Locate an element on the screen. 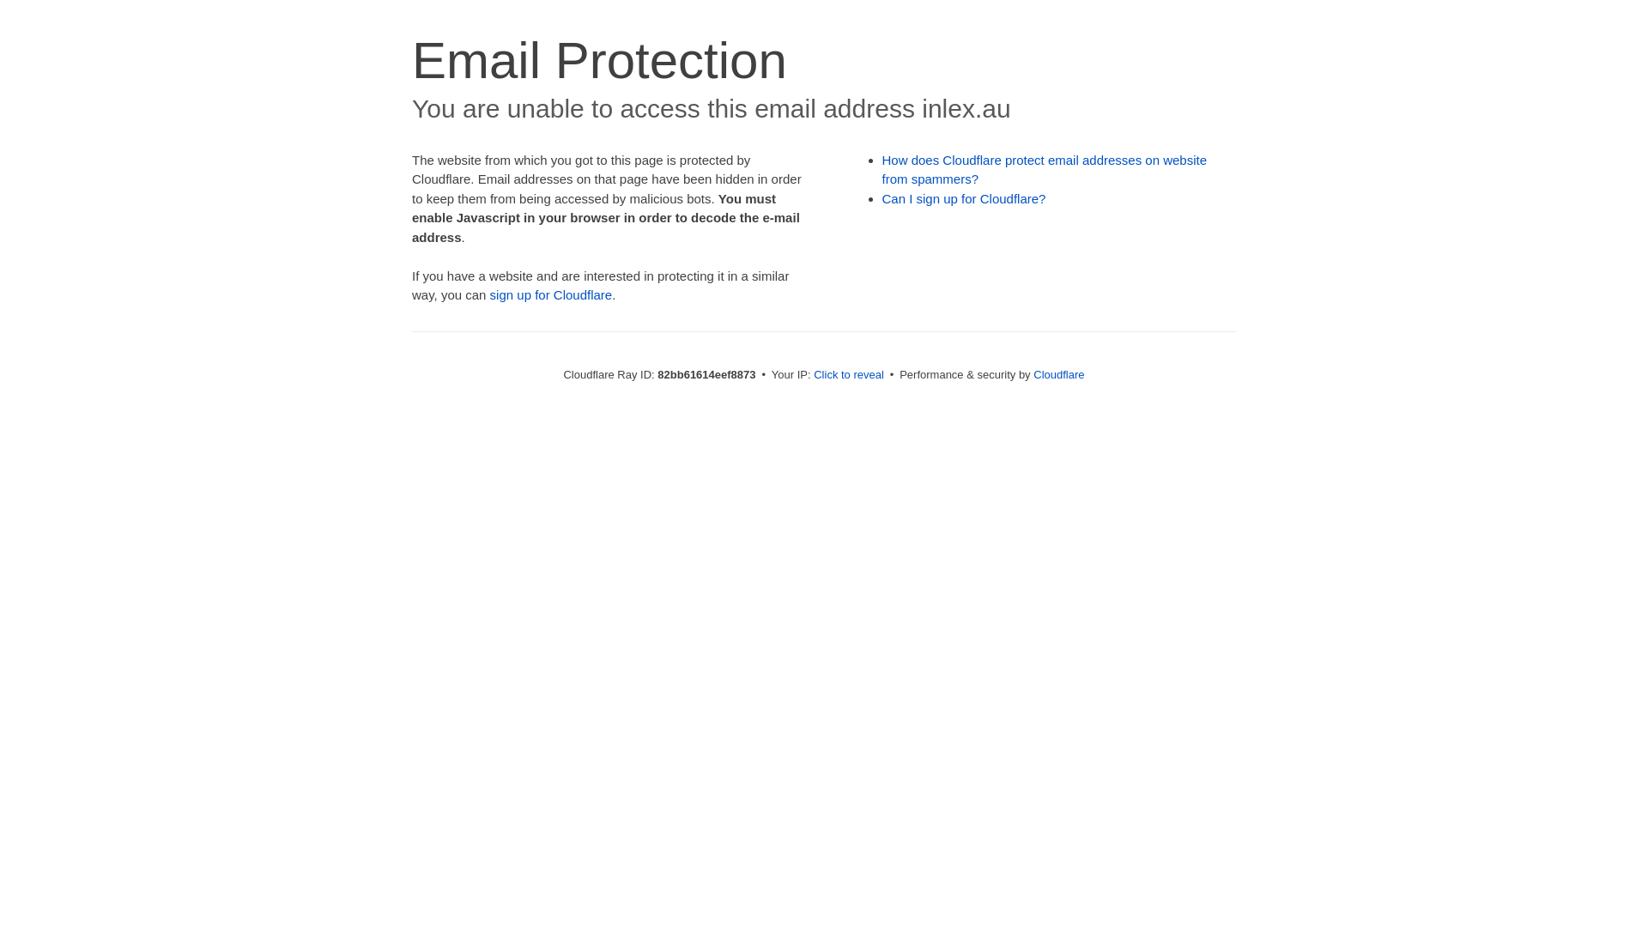 The width and height of the screenshot is (1648, 927). 'Cloudflare' is located at coordinates (1057, 373).